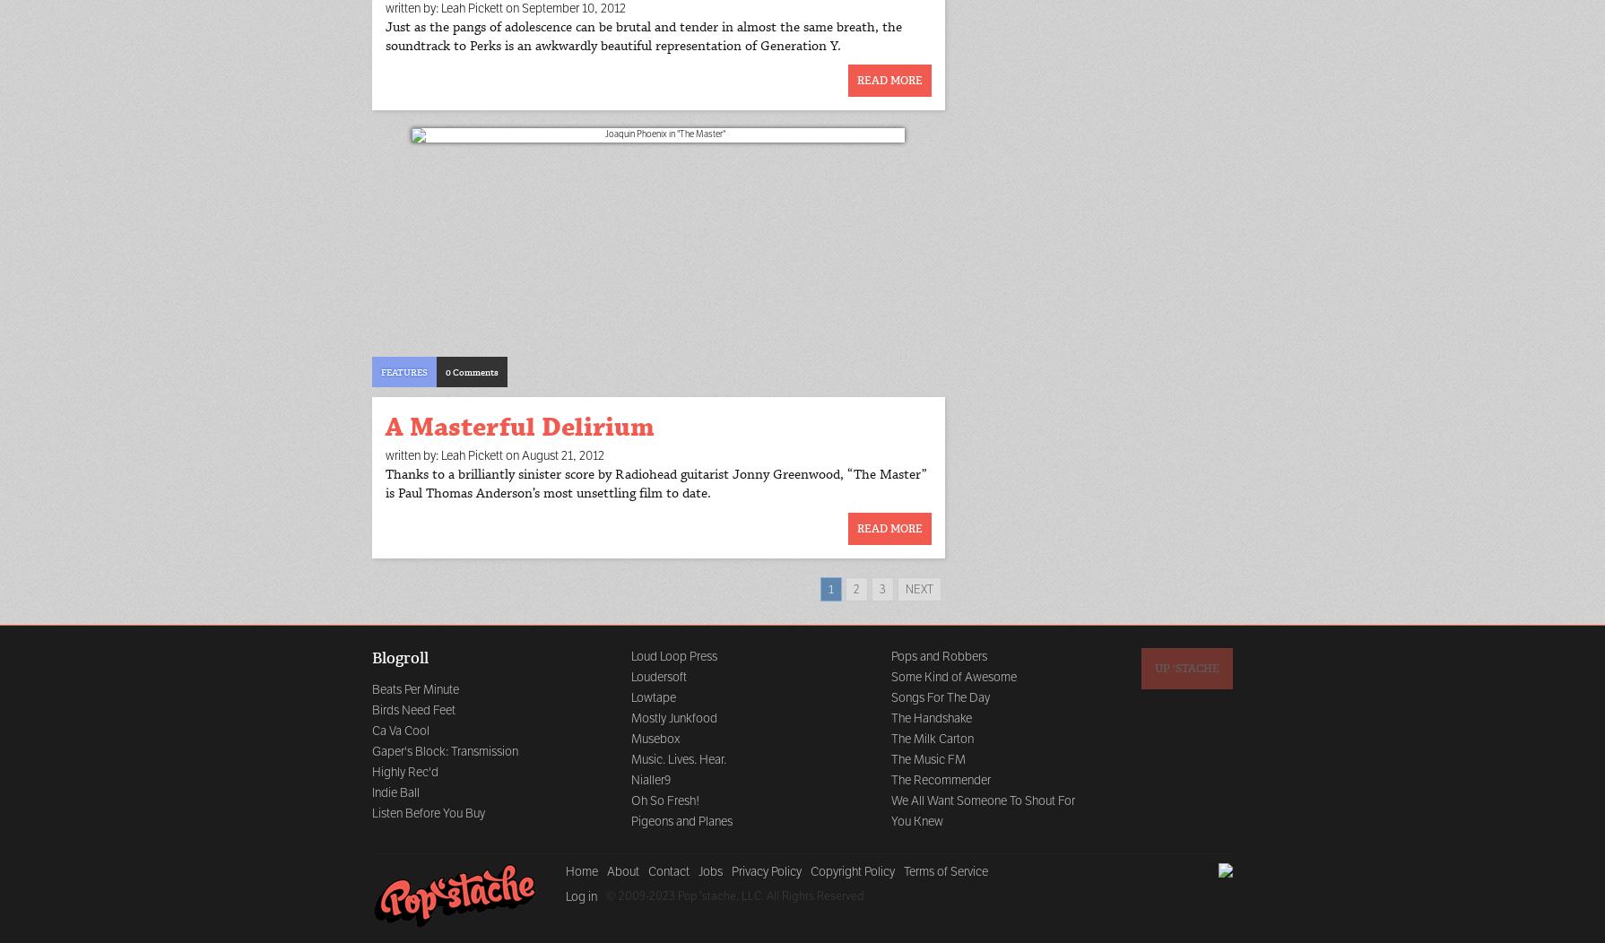  I want to click on 'Musebox', so click(655, 737).